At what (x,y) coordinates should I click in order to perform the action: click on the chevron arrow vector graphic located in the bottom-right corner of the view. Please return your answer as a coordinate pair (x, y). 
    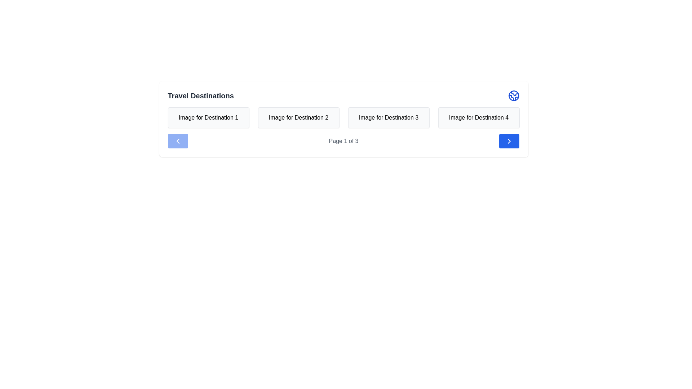
    Looking at the image, I should click on (509, 141).